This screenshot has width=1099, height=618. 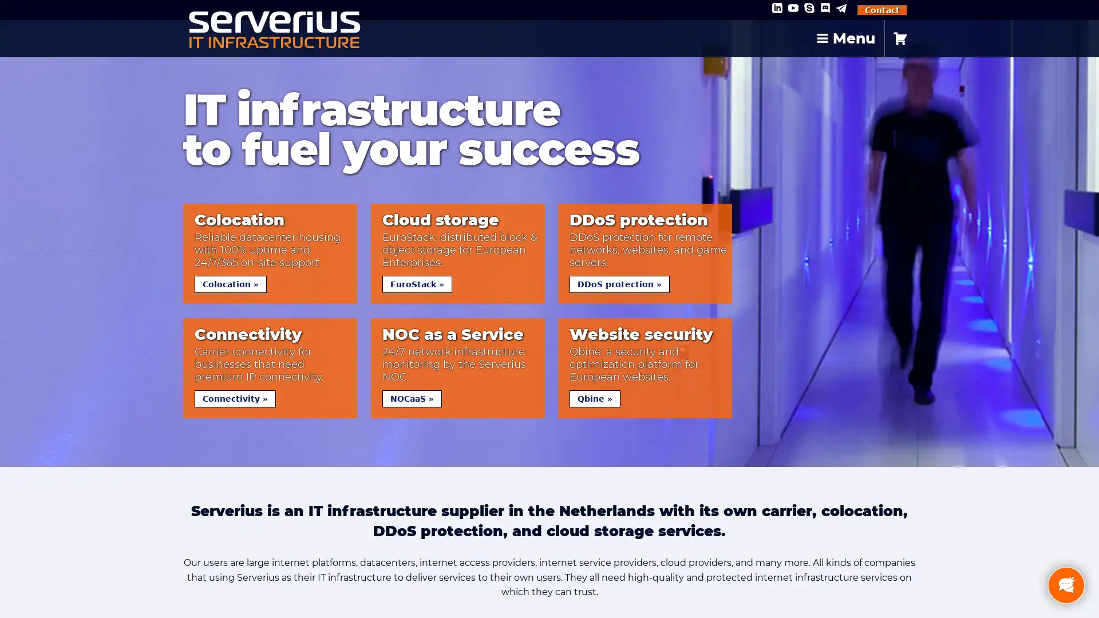 What do you see at coordinates (235, 397) in the screenshot?
I see `Connectivity` at bounding box center [235, 397].